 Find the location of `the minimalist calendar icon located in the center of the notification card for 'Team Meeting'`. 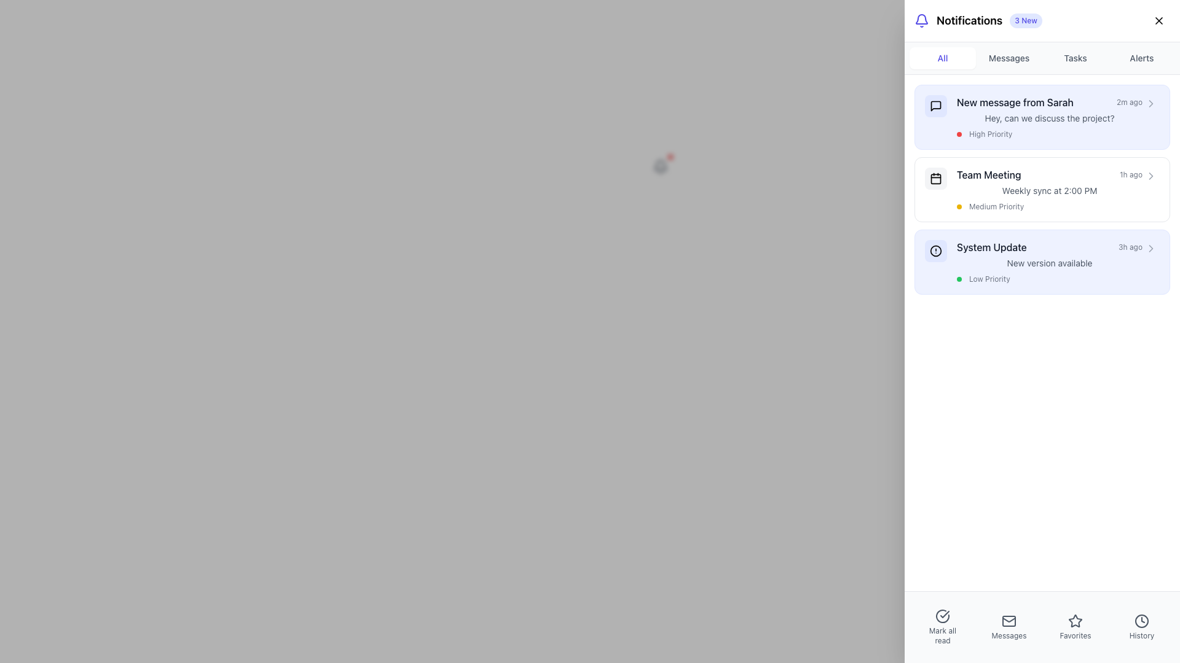

the minimalist calendar icon located in the center of the notification card for 'Team Meeting' is located at coordinates (935, 178).